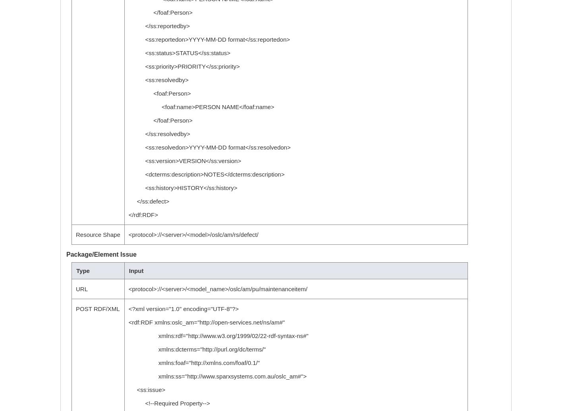 This screenshot has height=411, width=572. I want to click on '<foaf:name>PERSON NAME</foaf:name>', so click(201, 107).